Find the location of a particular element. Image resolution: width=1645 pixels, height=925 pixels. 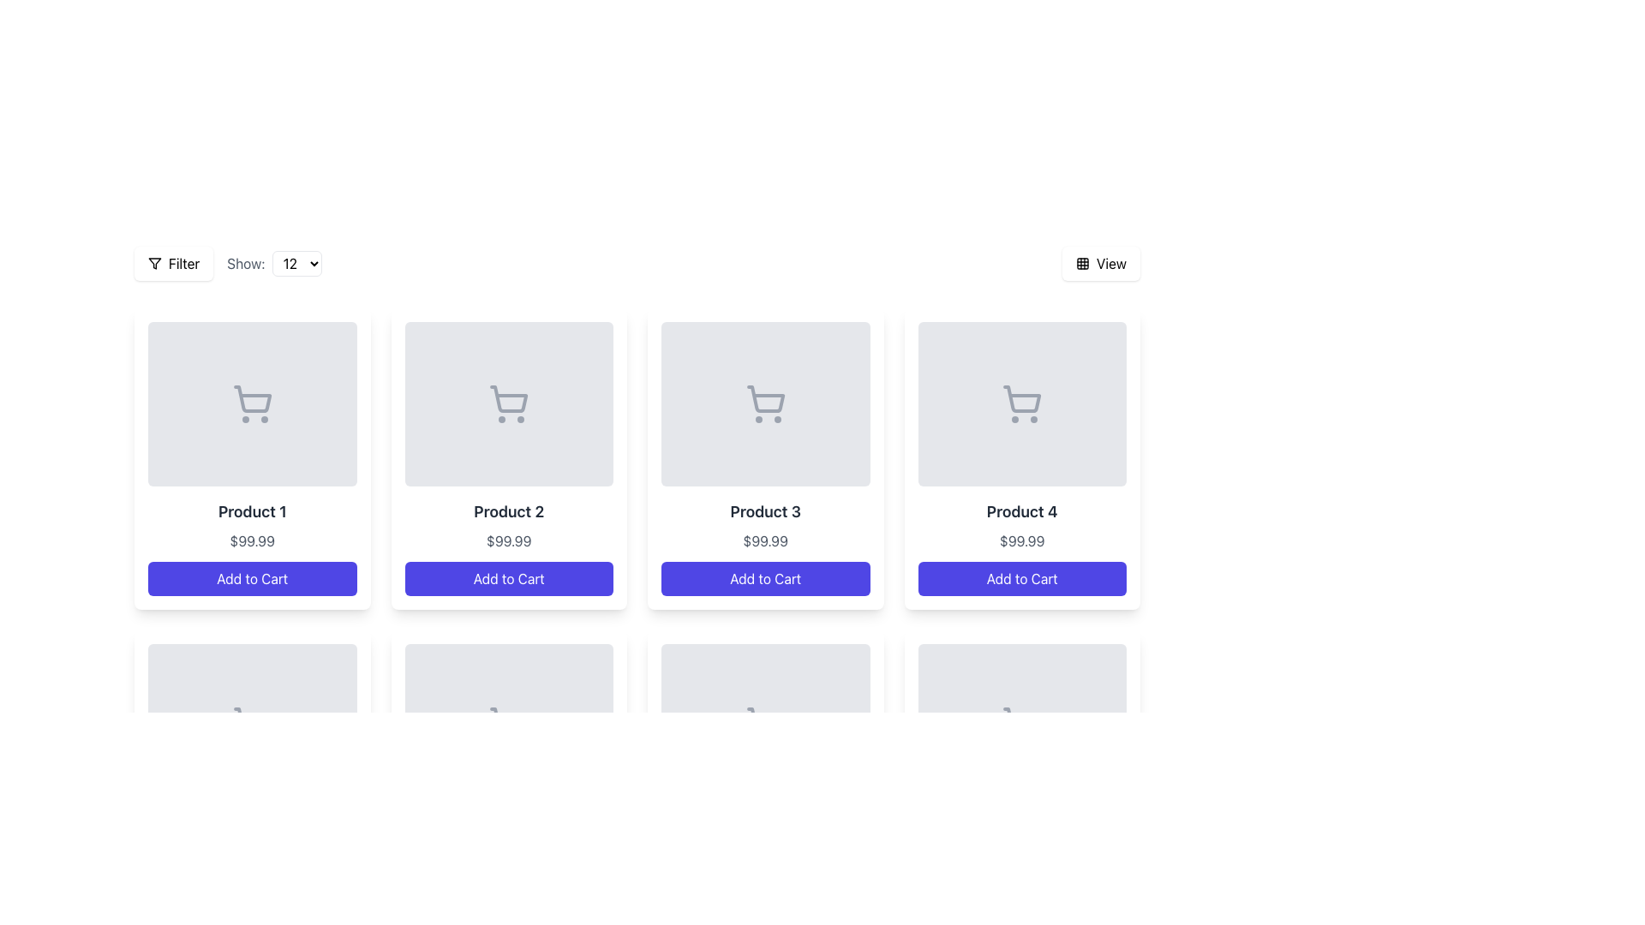

the button located at the bottom of the 'Product 3' card to observe the hover effect is located at coordinates (764, 578).